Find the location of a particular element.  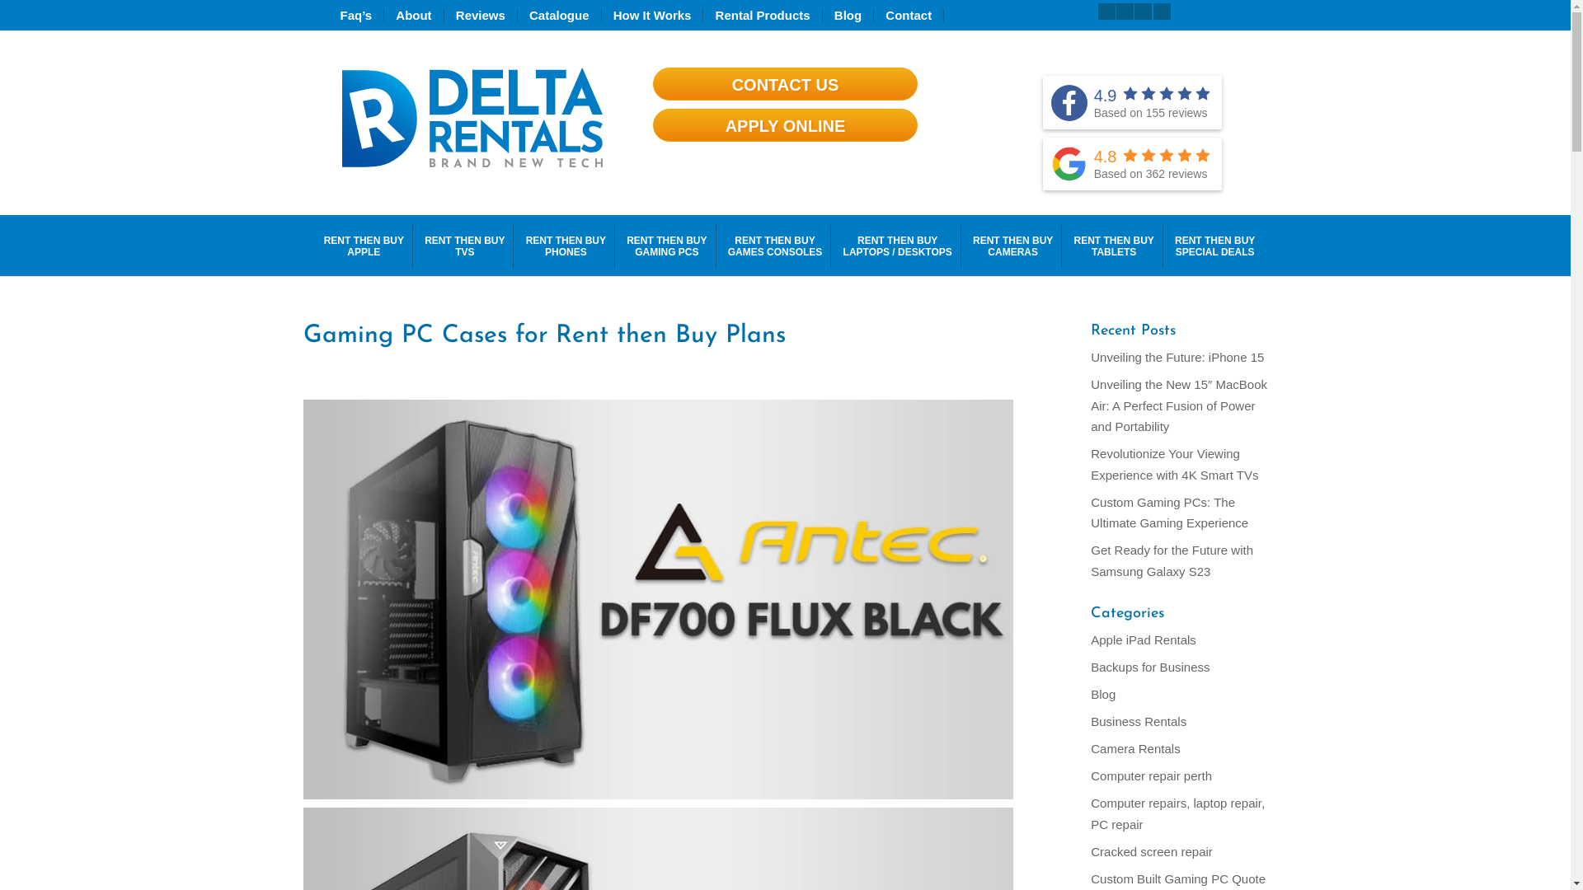

'RENT THEN BUY is located at coordinates (424, 246).